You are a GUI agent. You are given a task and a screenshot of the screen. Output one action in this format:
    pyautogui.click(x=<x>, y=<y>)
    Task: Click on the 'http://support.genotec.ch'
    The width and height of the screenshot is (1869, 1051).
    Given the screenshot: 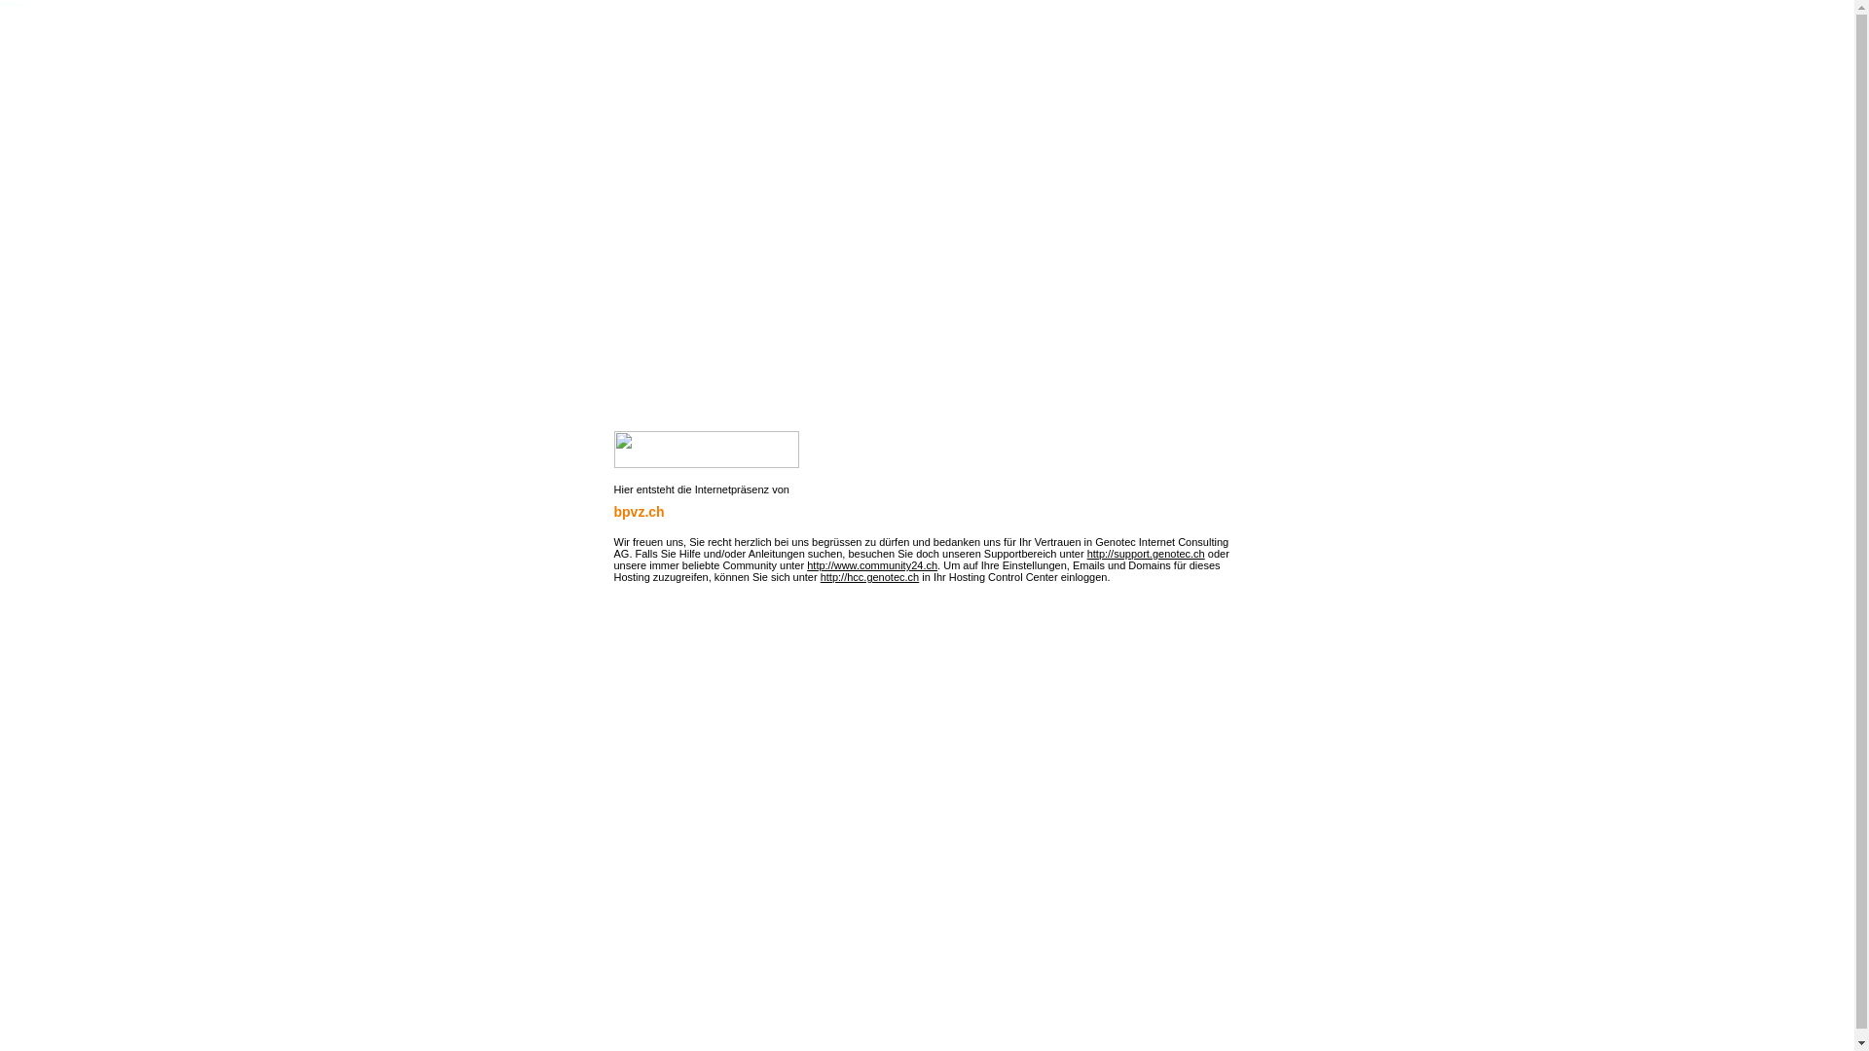 What is the action you would take?
    pyautogui.click(x=1086, y=554)
    